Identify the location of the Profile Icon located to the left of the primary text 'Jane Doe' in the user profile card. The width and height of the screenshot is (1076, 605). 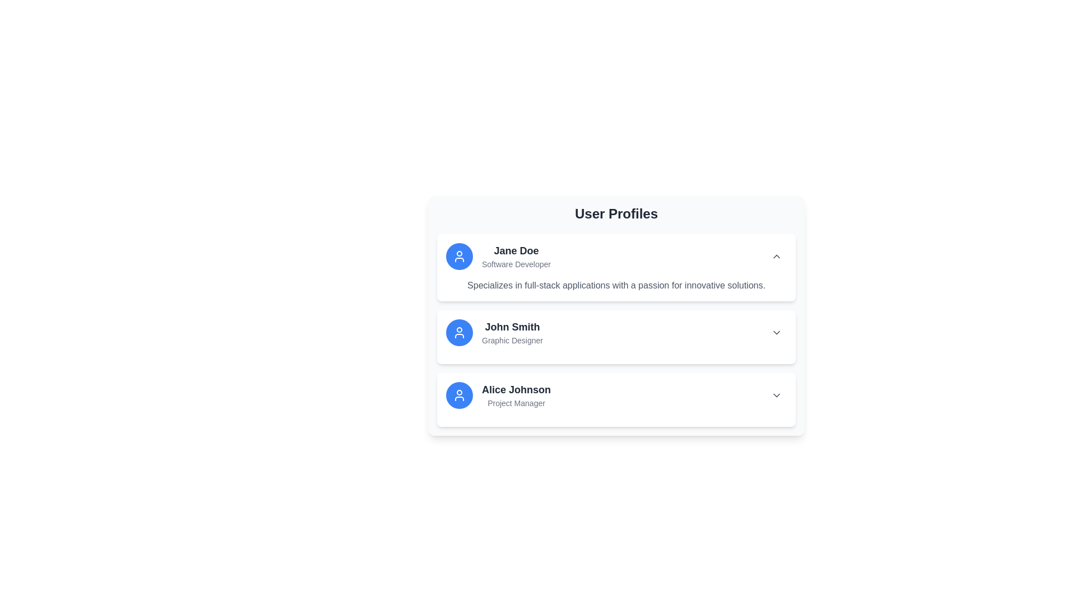
(460, 394).